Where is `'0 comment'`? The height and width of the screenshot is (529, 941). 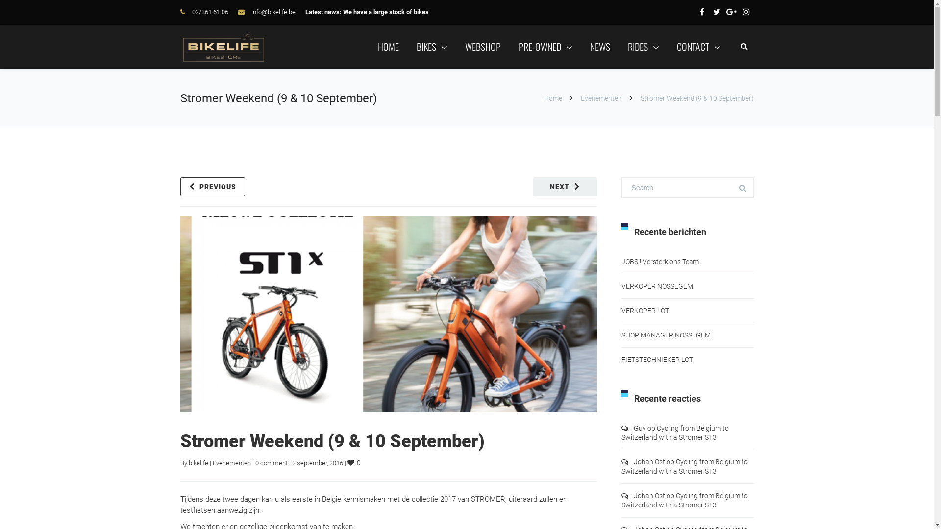
'0 comment' is located at coordinates (271, 463).